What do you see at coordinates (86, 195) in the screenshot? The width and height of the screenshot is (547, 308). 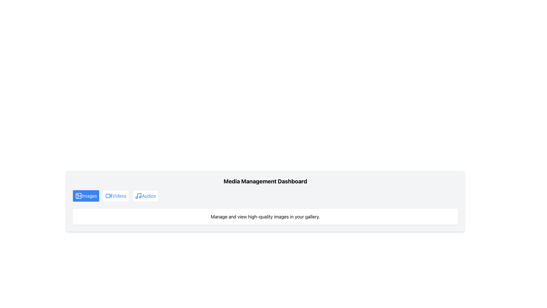 I see `the first button on the left labeled 'Images' in the top-left corner of the button section` at bounding box center [86, 195].